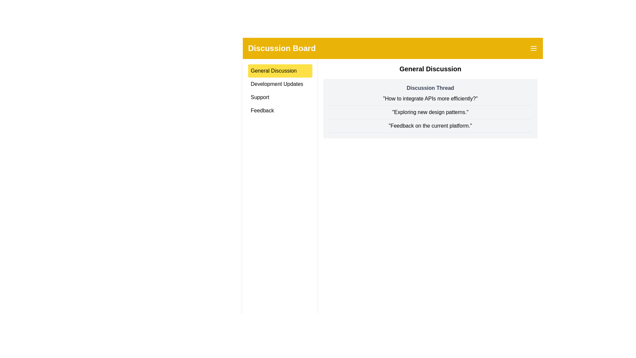 Image resolution: width=636 pixels, height=358 pixels. Describe the element at coordinates (430, 100) in the screenshot. I see `the discussion thread to read its content` at that location.